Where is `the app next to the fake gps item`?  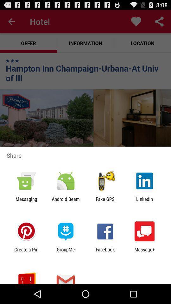 the app next to the fake gps item is located at coordinates (65, 201).